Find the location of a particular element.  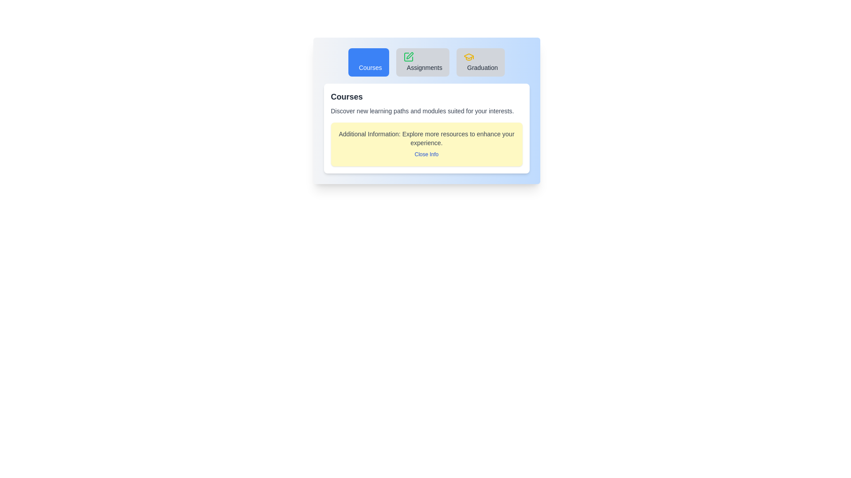

the Graduation tab by clicking its button is located at coordinates (480, 62).